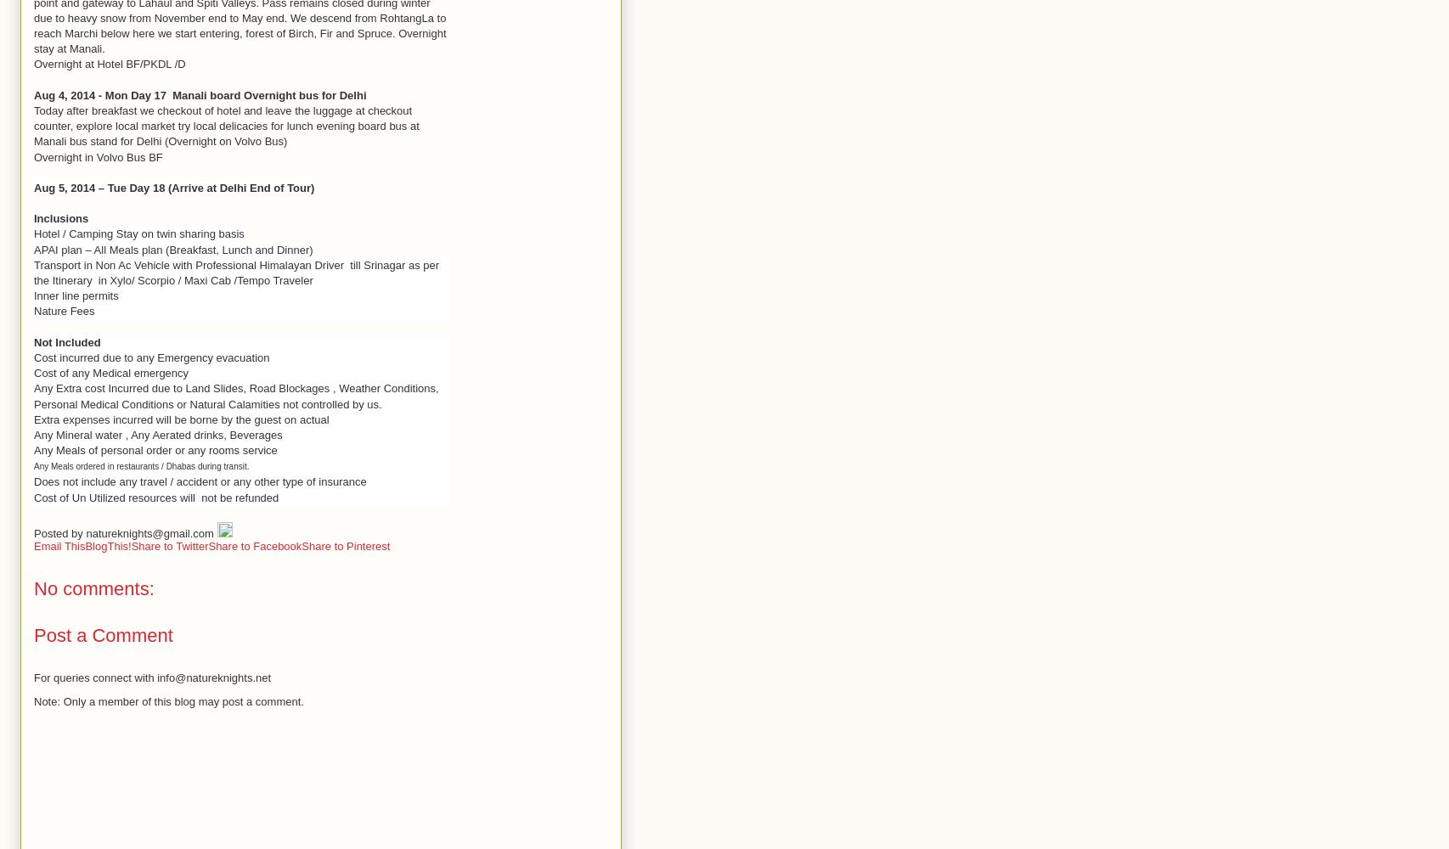 The width and height of the screenshot is (1449, 849). I want to click on 'Share to Pinterest', so click(346, 546).